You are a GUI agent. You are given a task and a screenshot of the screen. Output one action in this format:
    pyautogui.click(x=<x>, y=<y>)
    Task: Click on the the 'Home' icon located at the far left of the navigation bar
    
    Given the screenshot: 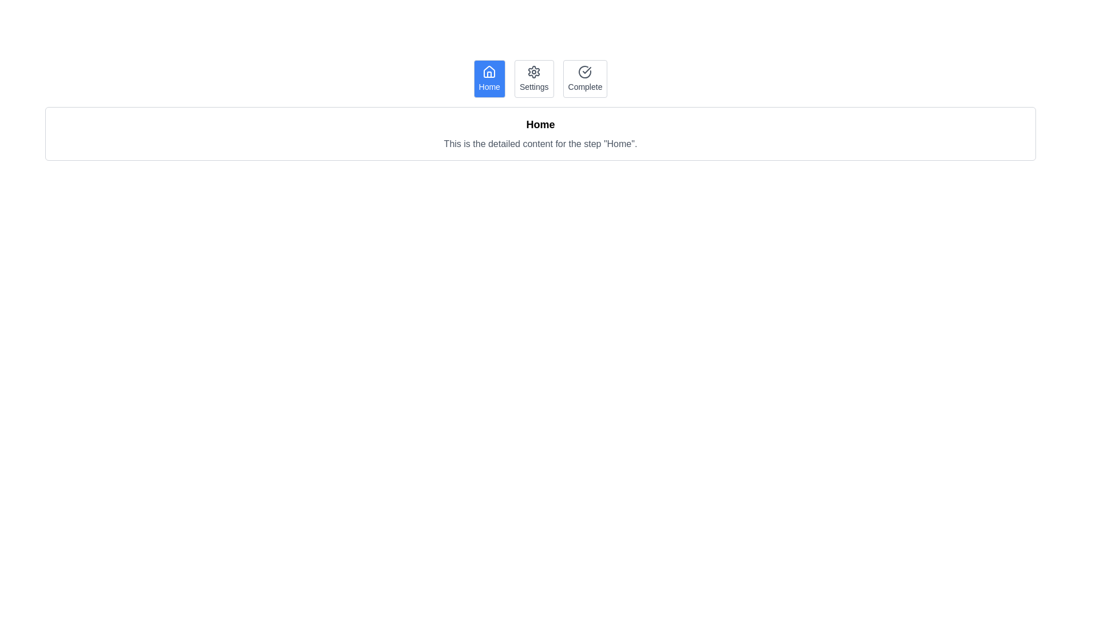 What is the action you would take?
    pyautogui.click(x=489, y=72)
    